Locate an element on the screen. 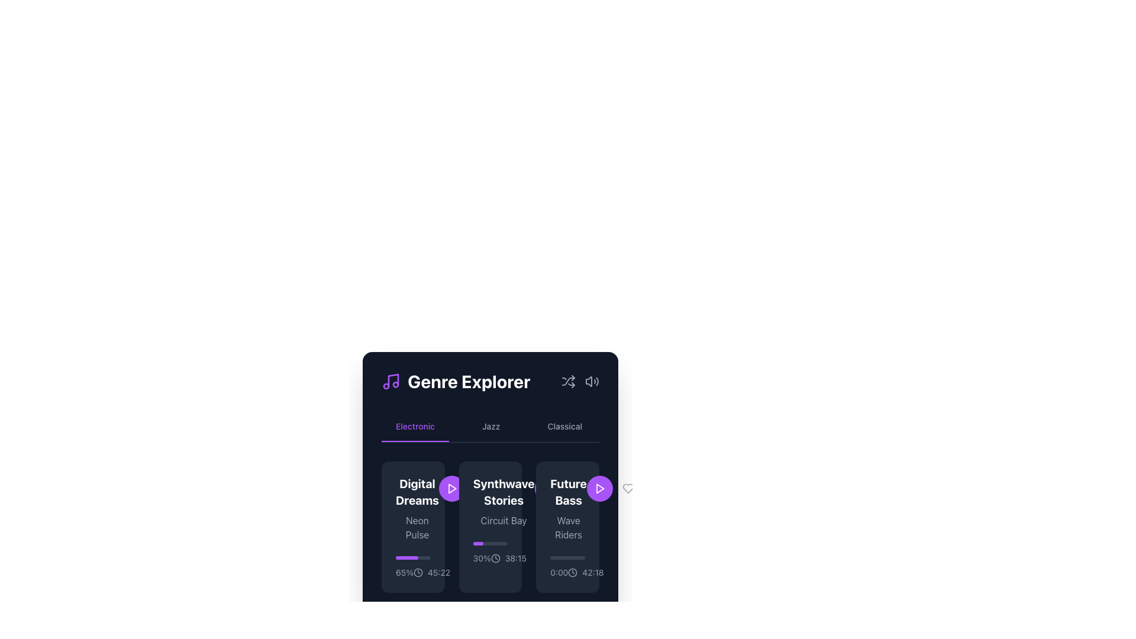 Image resolution: width=1136 pixels, height=639 pixels. the static informational text displaying '65%' progress and '45:22' time spent is located at coordinates (413, 572).